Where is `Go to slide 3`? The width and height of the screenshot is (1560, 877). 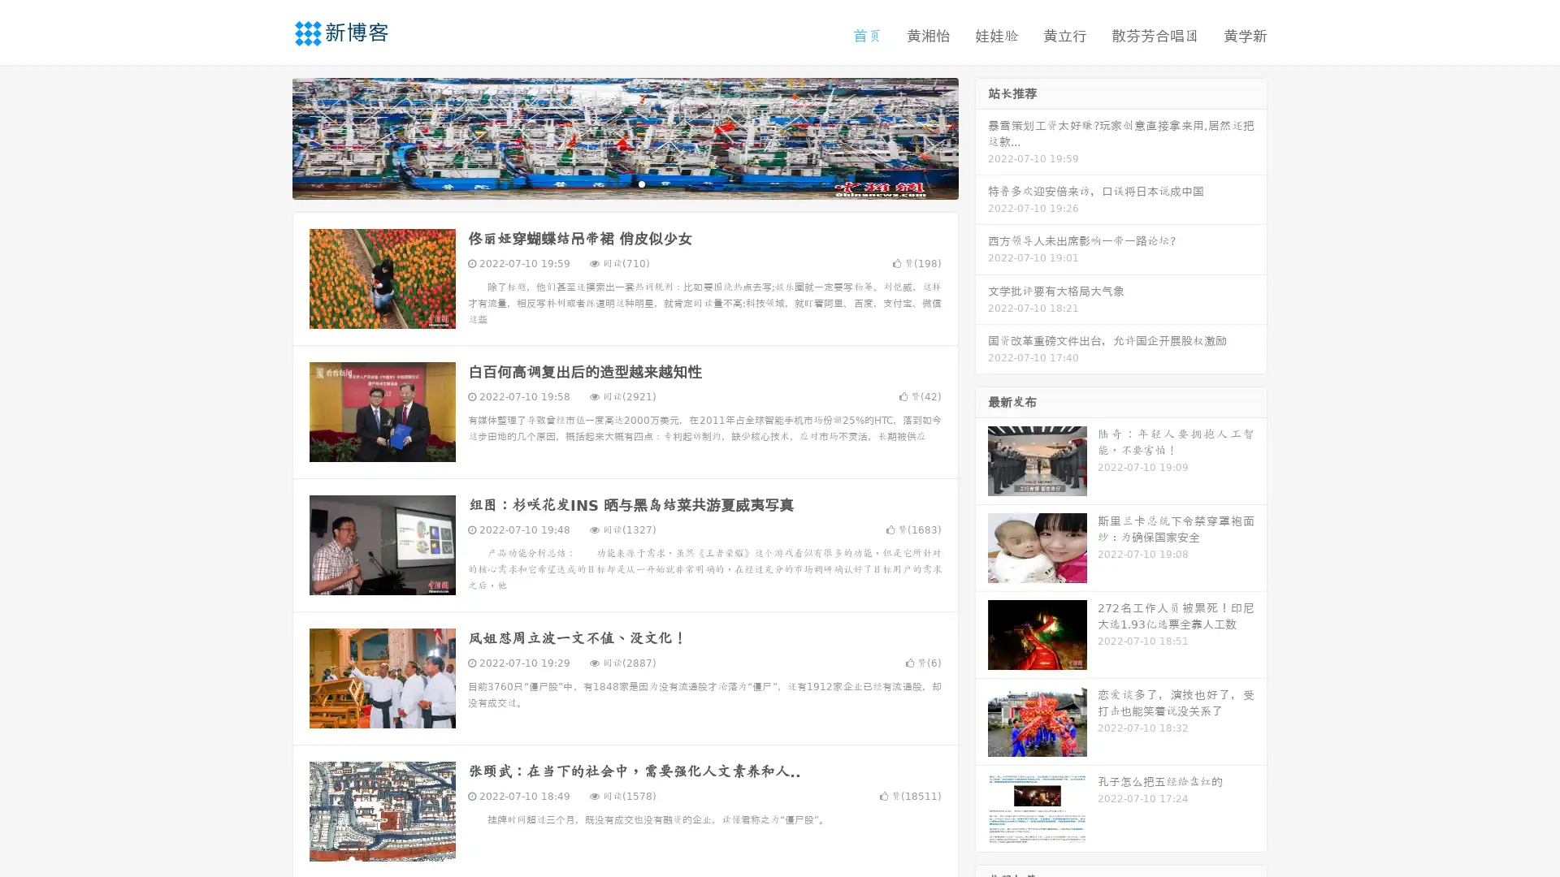 Go to slide 3 is located at coordinates (641, 183).